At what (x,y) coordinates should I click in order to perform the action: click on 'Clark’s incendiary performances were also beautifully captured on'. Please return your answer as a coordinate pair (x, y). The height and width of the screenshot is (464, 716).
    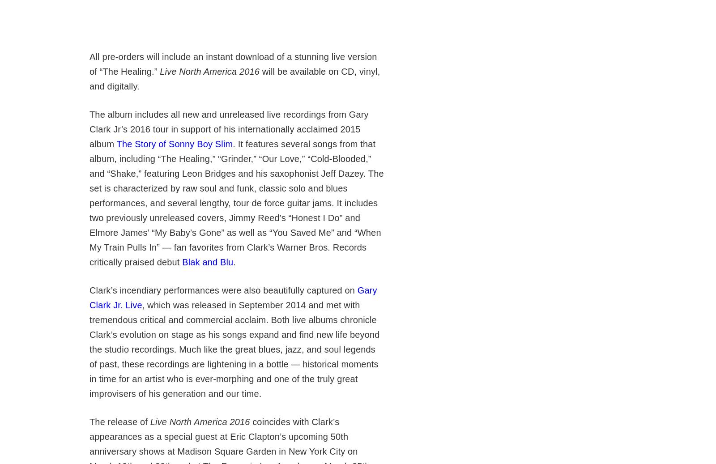
    Looking at the image, I should click on (223, 290).